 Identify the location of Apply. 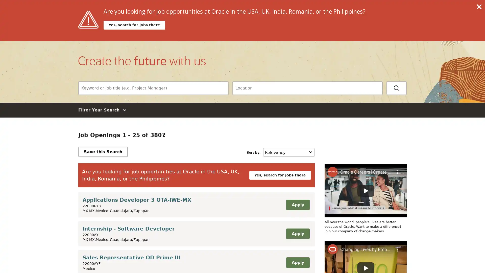
(298, 234).